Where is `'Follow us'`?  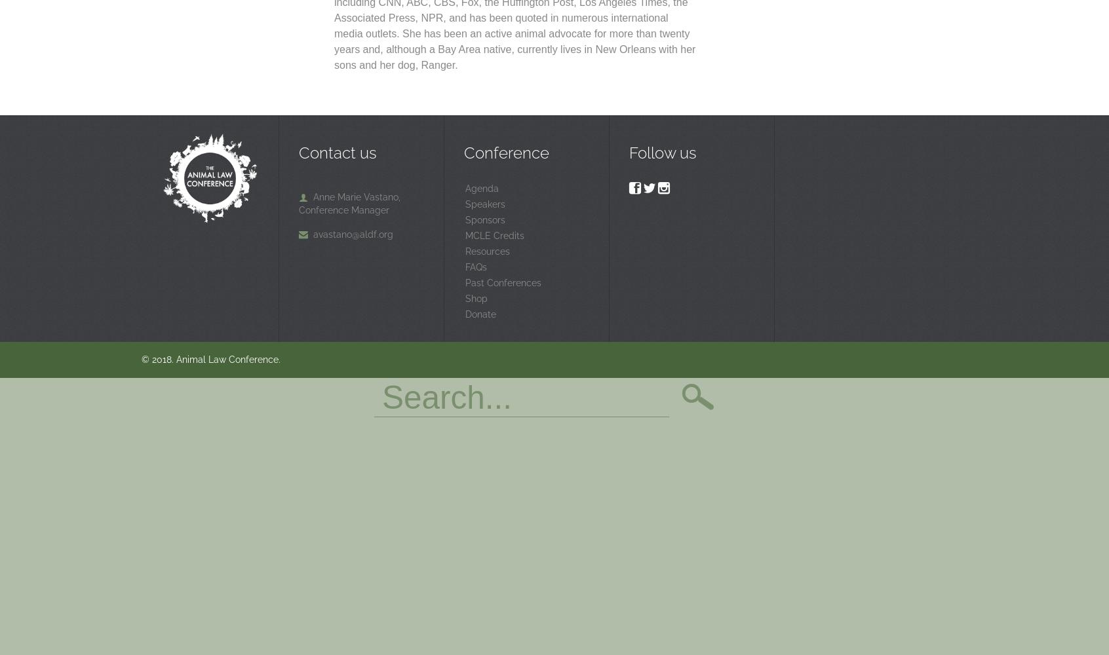 'Follow us' is located at coordinates (662, 151).